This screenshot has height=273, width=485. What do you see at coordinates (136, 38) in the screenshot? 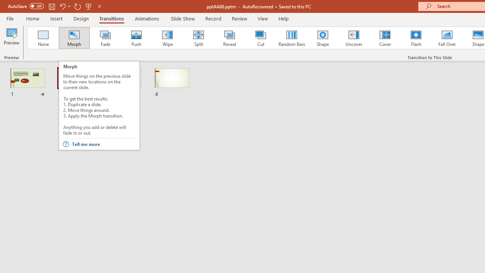
I see `'Push'` at bounding box center [136, 38].